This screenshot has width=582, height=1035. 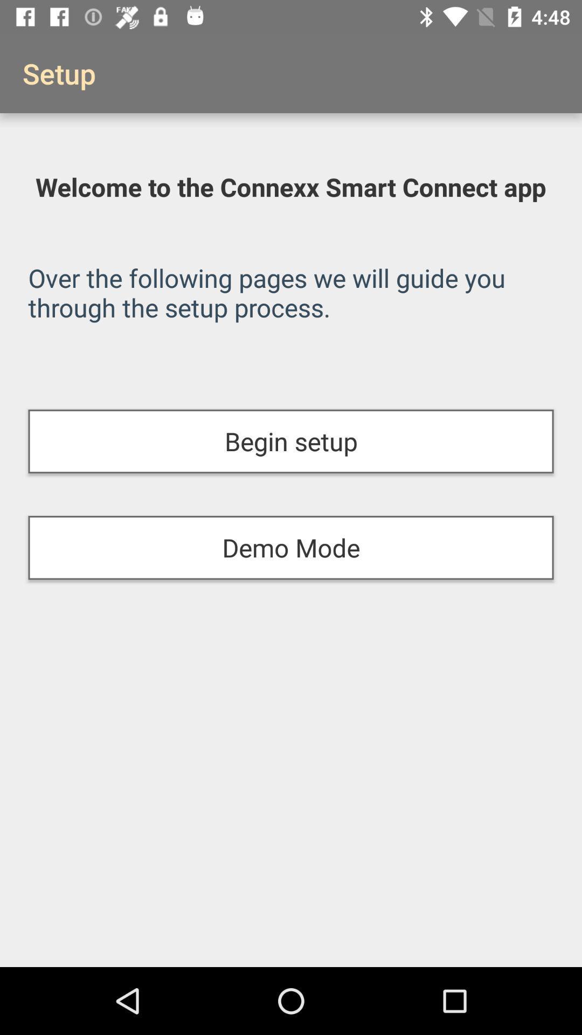 What do you see at coordinates (291, 441) in the screenshot?
I see `the begin setup icon` at bounding box center [291, 441].